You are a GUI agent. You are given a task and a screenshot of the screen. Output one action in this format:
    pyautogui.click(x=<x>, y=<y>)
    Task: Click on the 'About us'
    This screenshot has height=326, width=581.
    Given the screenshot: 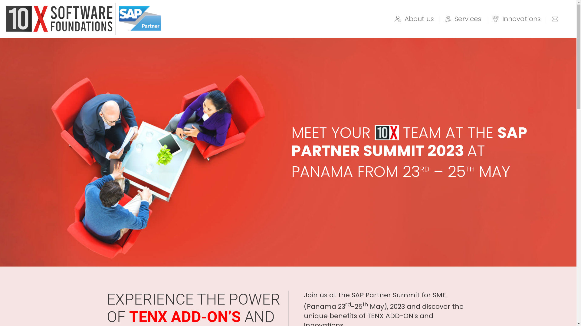 What is the action you would take?
    pyautogui.click(x=414, y=18)
    